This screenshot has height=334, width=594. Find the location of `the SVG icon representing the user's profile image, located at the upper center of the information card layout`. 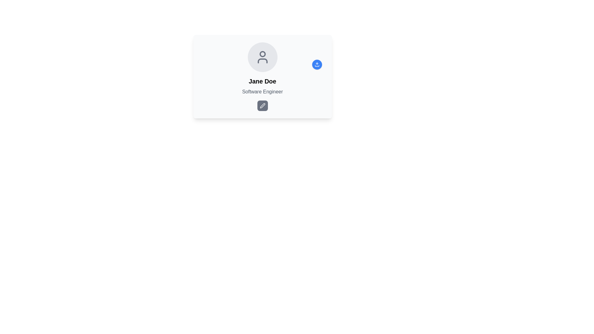

the SVG icon representing the user's profile image, located at the upper center of the information card layout is located at coordinates (262, 57).